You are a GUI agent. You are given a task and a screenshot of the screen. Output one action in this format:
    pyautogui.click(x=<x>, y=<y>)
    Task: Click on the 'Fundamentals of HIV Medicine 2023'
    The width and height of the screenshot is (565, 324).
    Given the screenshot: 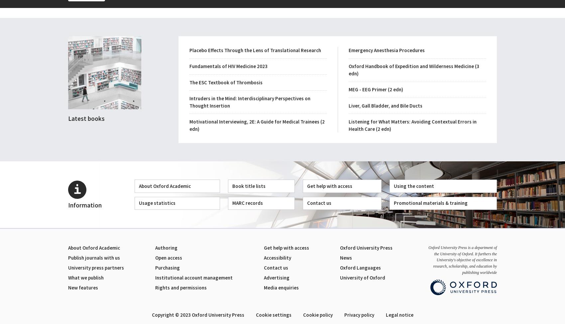 What is the action you would take?
    pyautogui.click(x=228, y=66)
    